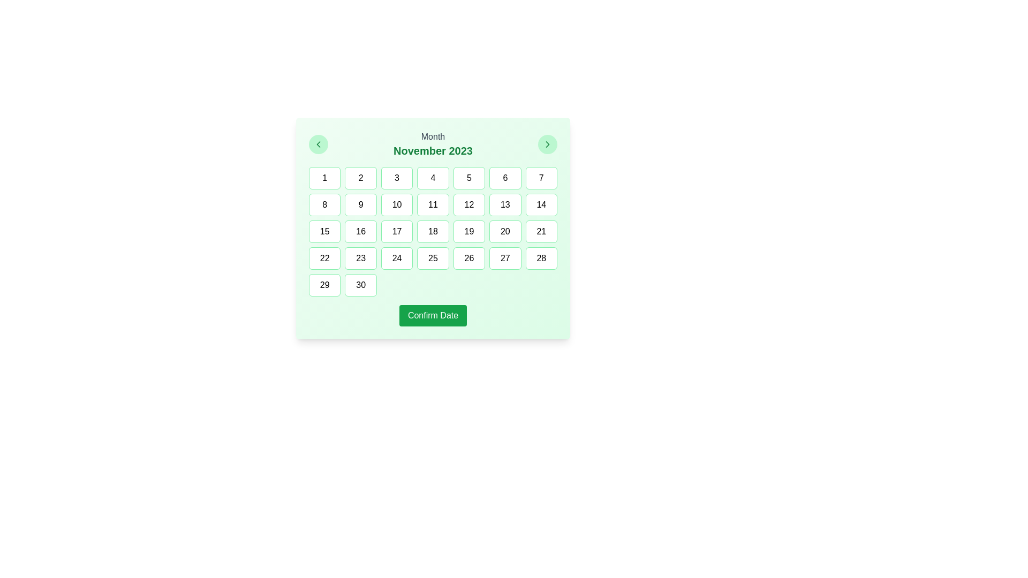 This screenshot has height=578, width=1028. I want to click on the selection button for the day '10' in the November 2023 calendar, so click(396, 204).